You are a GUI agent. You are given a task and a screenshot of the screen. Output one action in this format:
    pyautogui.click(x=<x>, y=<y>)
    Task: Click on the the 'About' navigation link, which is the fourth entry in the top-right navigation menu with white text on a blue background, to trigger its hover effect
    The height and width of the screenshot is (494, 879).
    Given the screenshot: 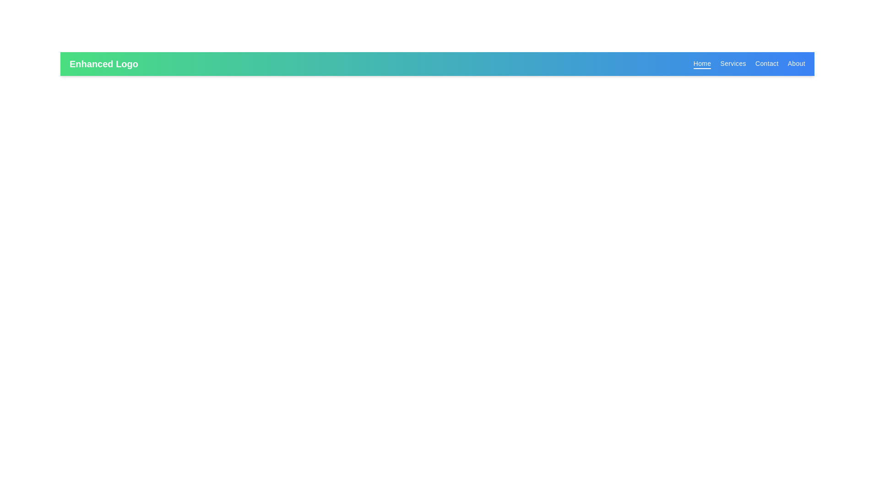 What is the action you would take?
    pyautogui.click(x=796, y=63)
    